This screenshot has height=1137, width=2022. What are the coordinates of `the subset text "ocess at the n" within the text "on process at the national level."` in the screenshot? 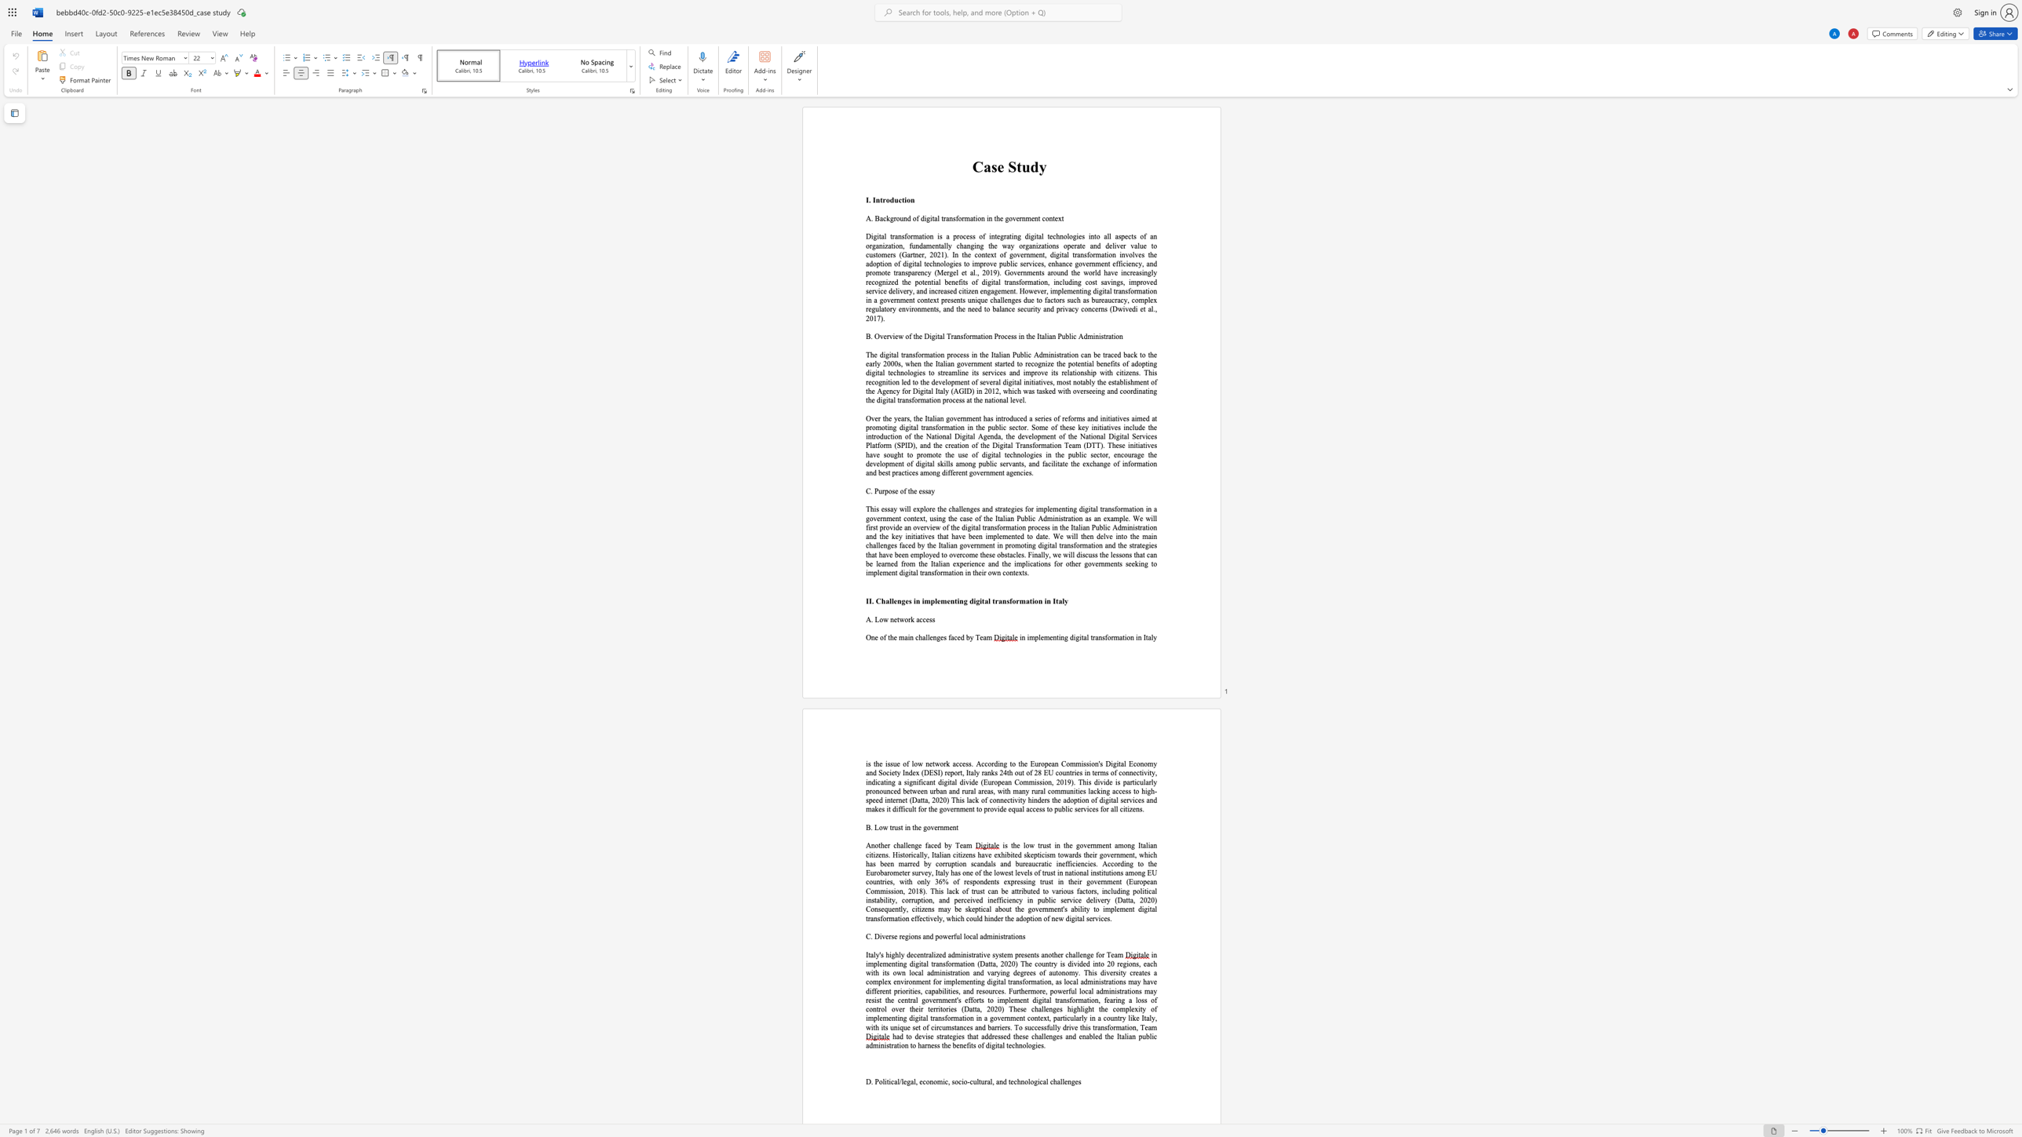 It's located at (948, 399).